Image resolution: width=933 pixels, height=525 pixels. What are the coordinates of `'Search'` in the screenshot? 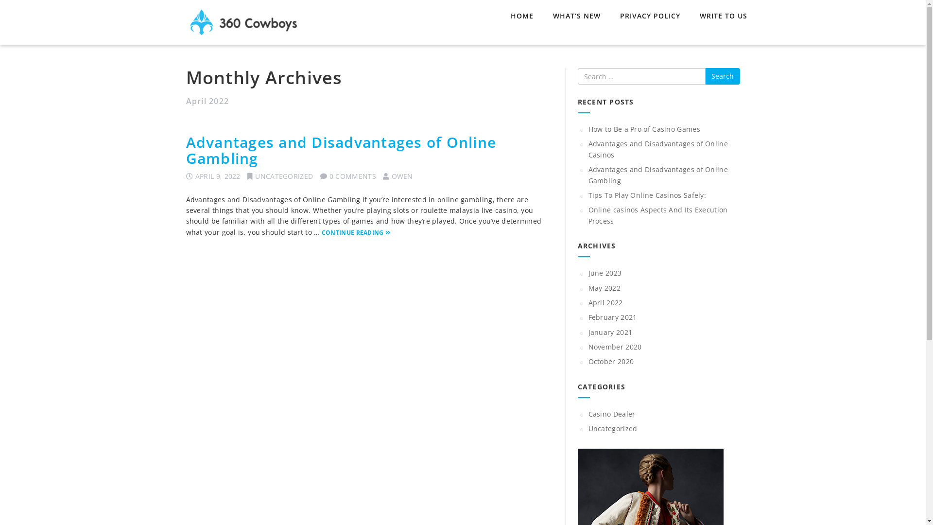 It's located at (722, 76).